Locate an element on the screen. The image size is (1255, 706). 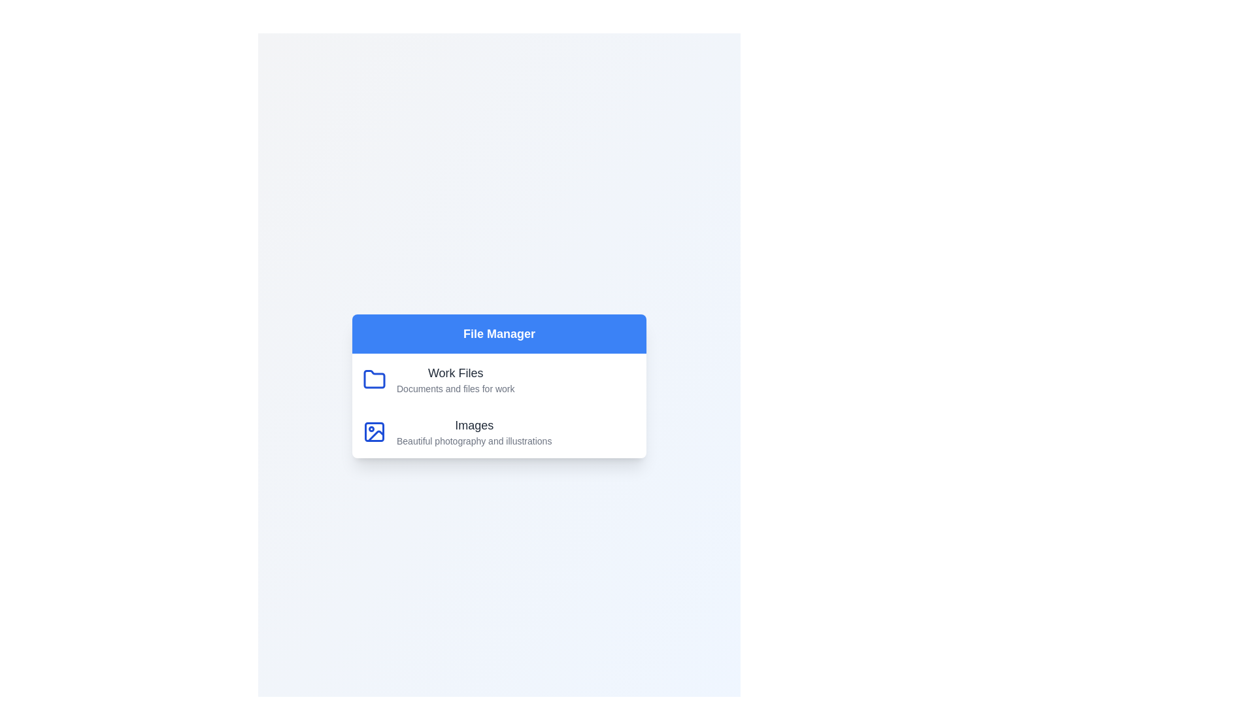
the category item Work Files to highlight it is located at coordinates (498, 380).